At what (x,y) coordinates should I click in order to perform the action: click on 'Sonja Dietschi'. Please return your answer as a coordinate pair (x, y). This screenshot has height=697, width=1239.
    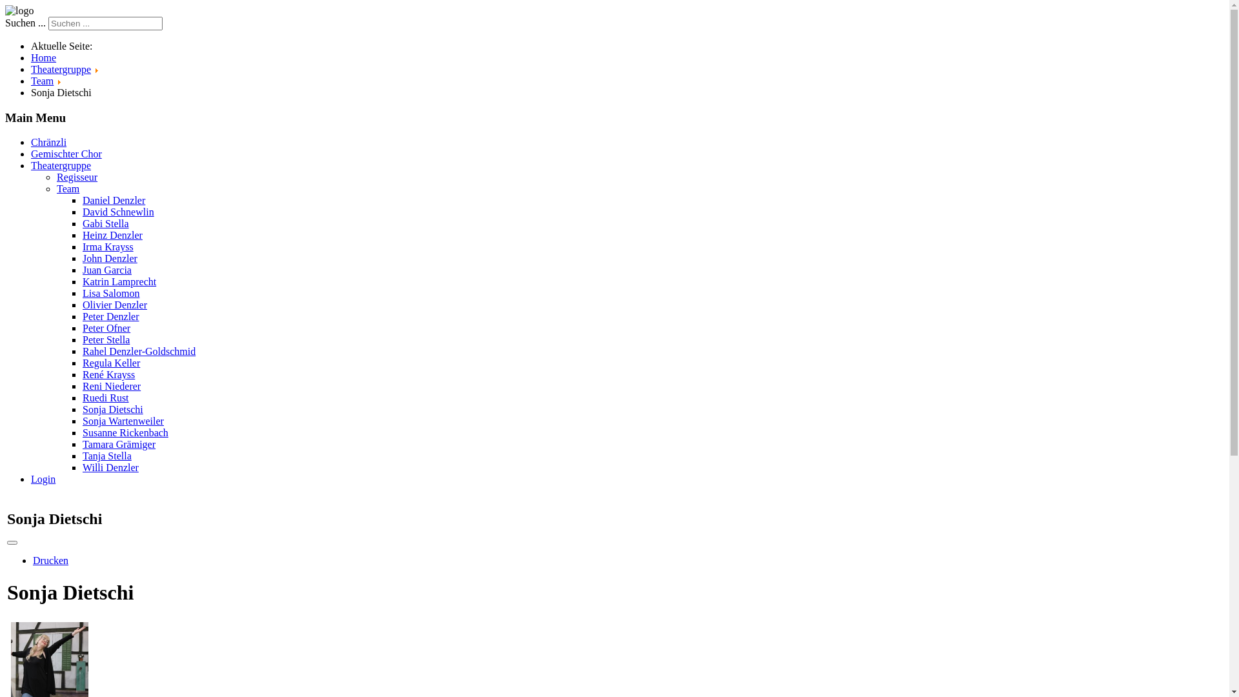
    Looking at the image, I should click on (82, 409).